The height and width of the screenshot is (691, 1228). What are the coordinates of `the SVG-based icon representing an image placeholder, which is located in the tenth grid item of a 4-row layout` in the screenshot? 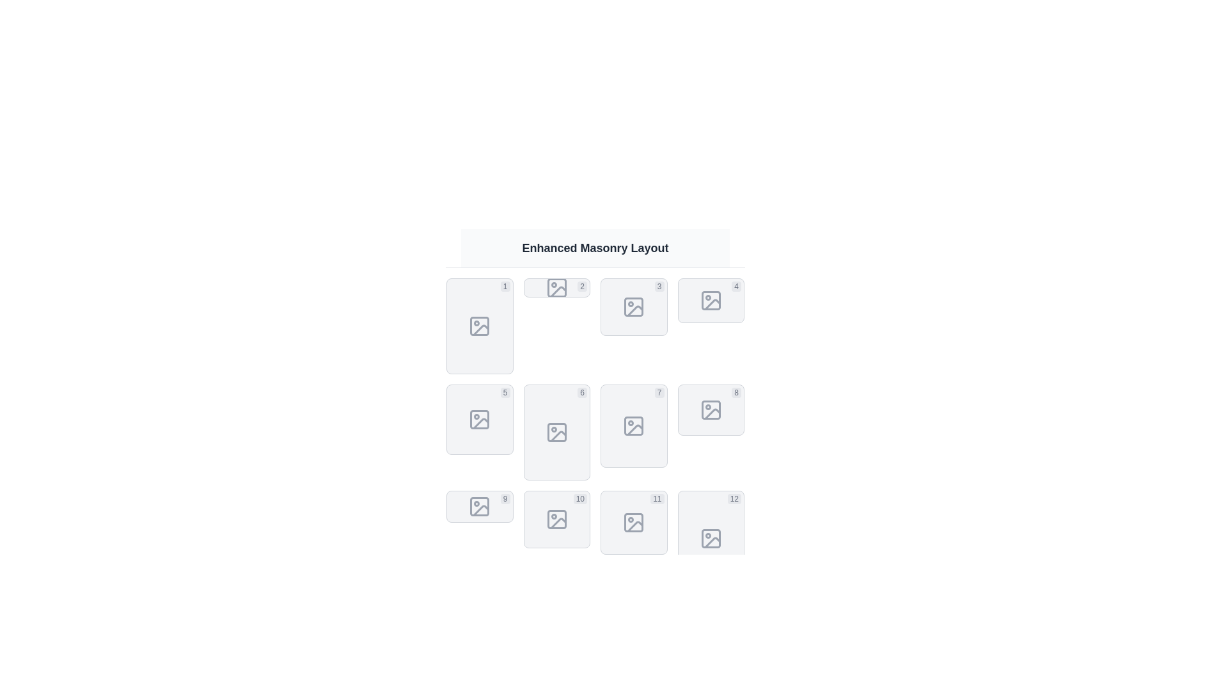 It's located at (556, 520).